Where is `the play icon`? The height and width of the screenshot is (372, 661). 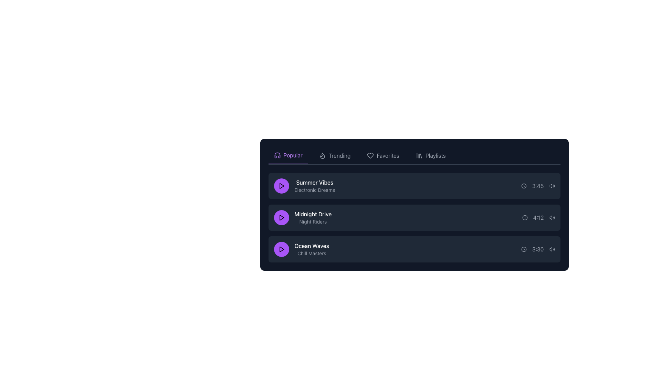
the play icon is located at coordinates (281, 249).